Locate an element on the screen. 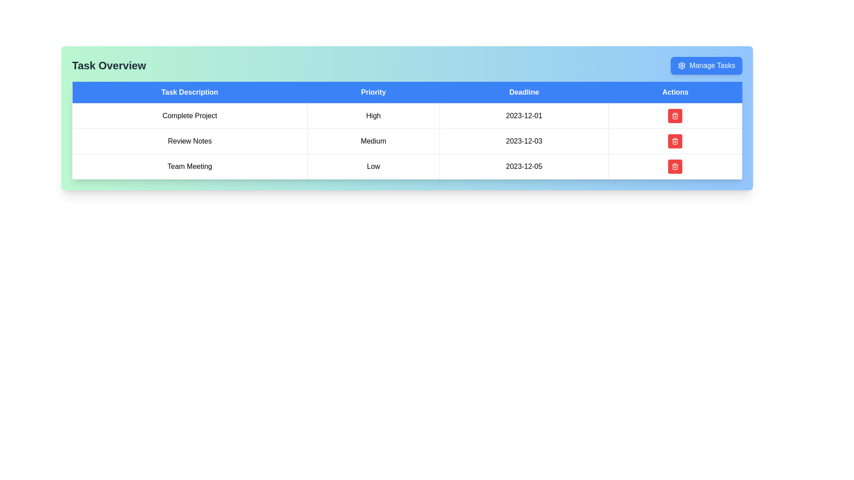 This screenshot has height=480, width=854. the delete button in the second row of the 'Task Overview' table associated with the task 'Review Notes' is located at coordinates (675, 140).